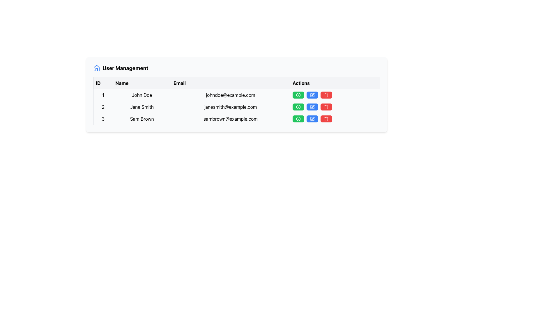 Image resolution: width=559 pixels, height=314 pixels. Describe the element at coordinates (298, 95) in the screenshot. I see `the information button located in the 'Actions' column of the first row, adjacent to the email 'johndoe@example.com'` at that location.